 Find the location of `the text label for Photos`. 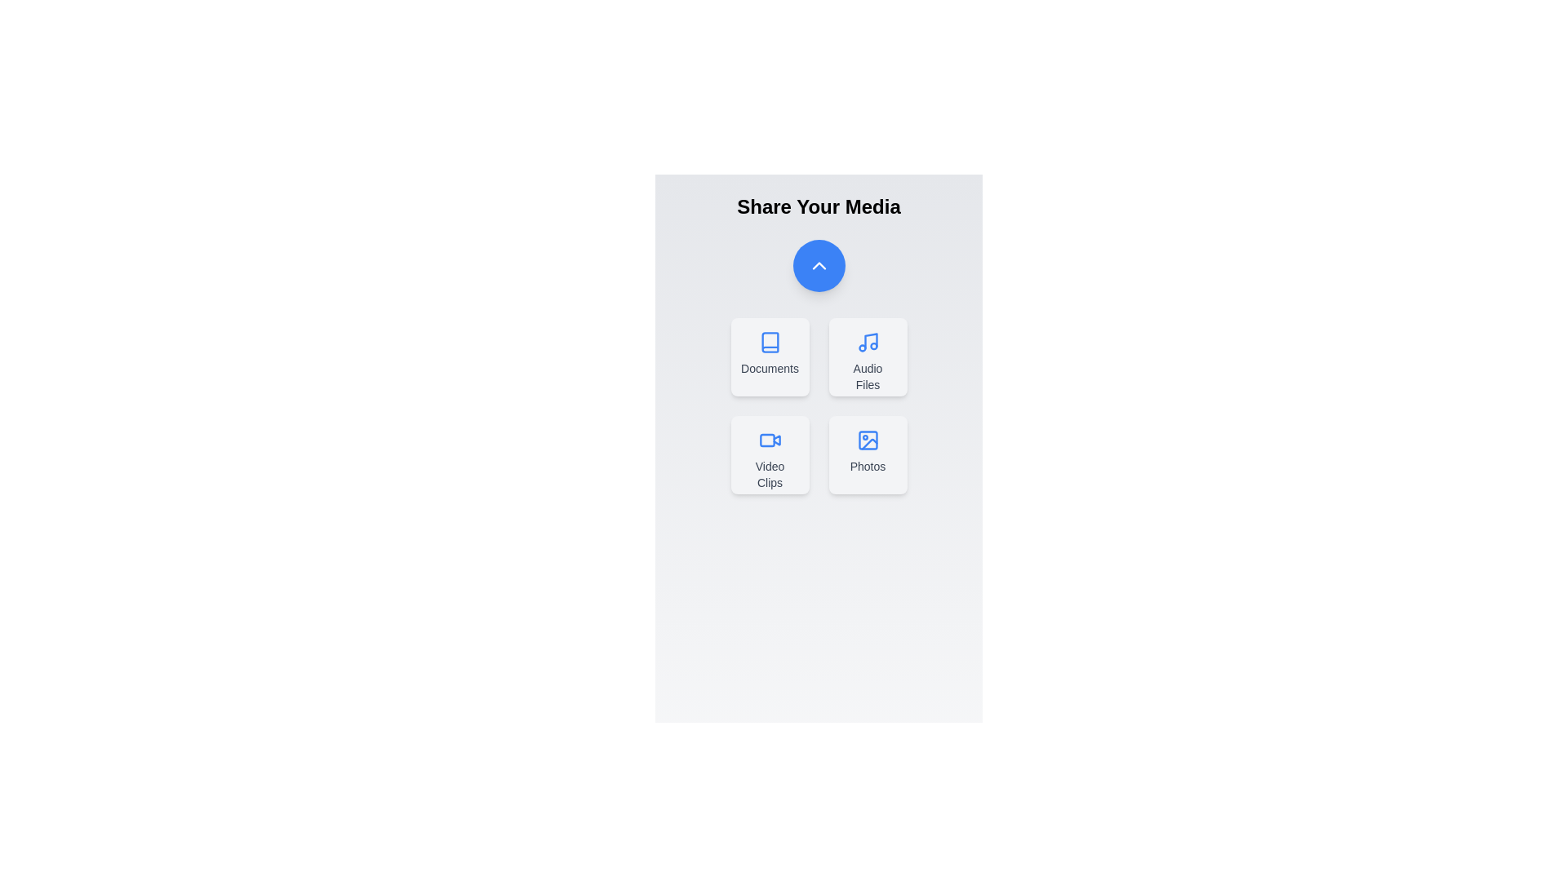

the text label for Photos is located at coordinates (867, 466).